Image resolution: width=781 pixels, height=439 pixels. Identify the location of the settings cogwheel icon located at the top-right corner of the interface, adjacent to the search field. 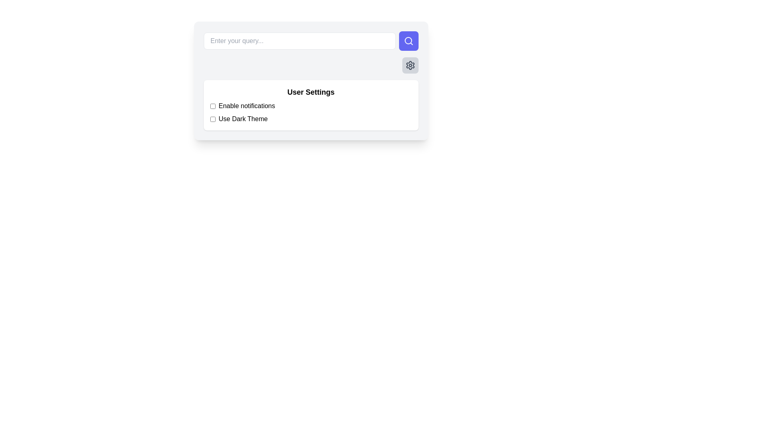
(410, 65).